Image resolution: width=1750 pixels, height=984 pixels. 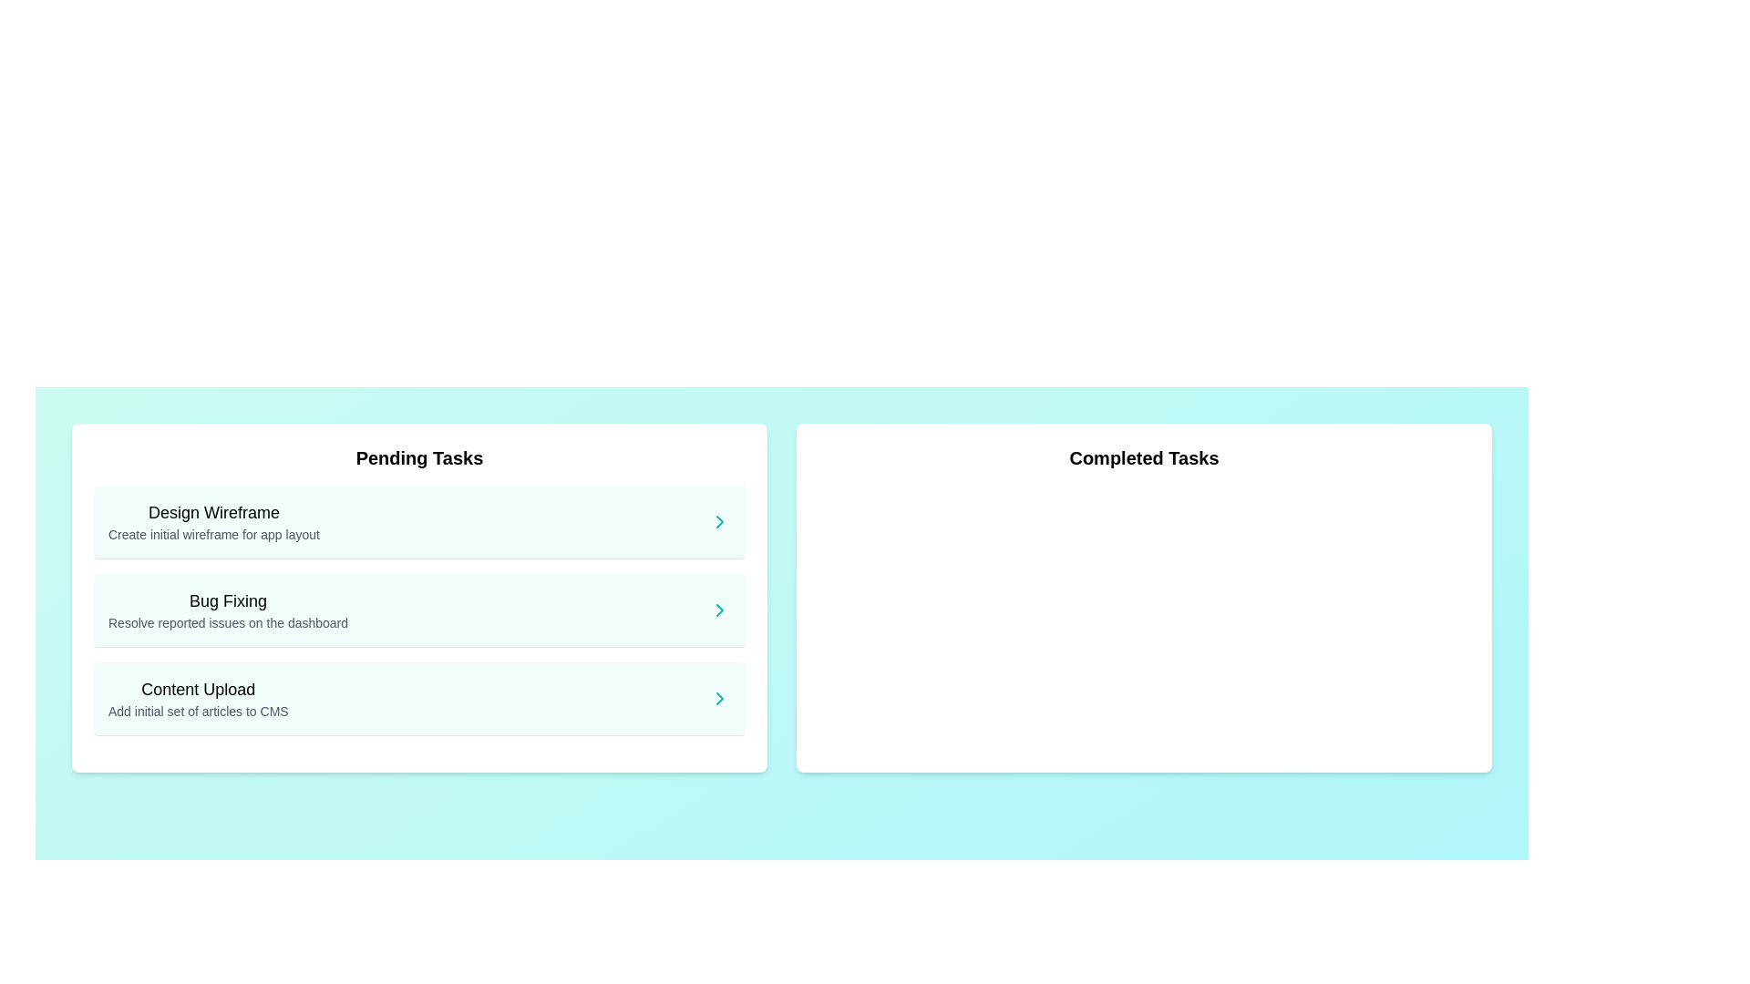 I want to click on the task label in the 'Pending Tasks' list to highlight it, which indicates the user needs to address reported issues on the dashboard, so click(x=227, y=610).